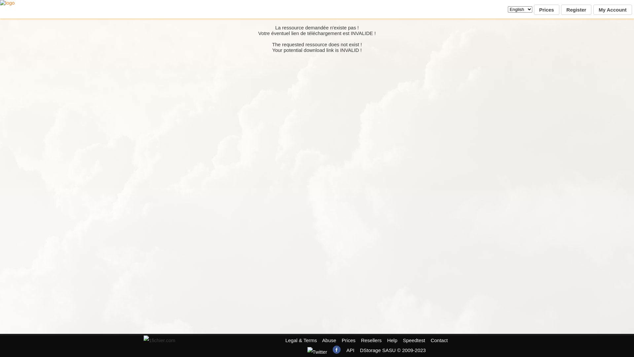 The width and height of the screenshot is (634, 357). I want to click on 'Speedtest', so click(413, 340).